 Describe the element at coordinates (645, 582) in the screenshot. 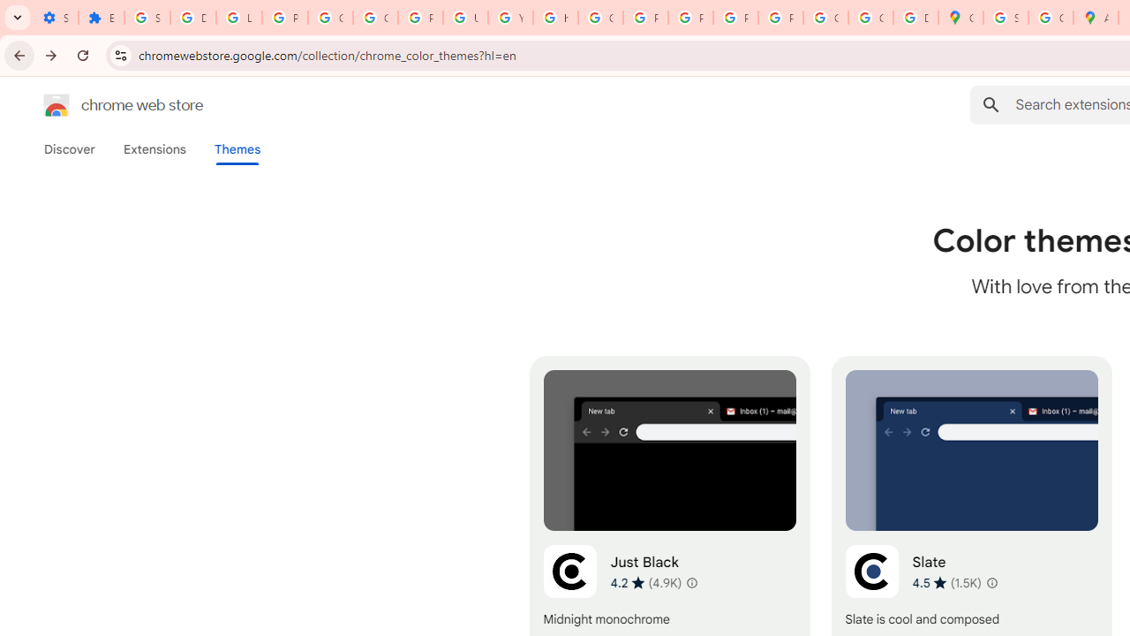

I see `'Average rating 4.2 out of 5 stars. 4.9K ratings.'` at that location.